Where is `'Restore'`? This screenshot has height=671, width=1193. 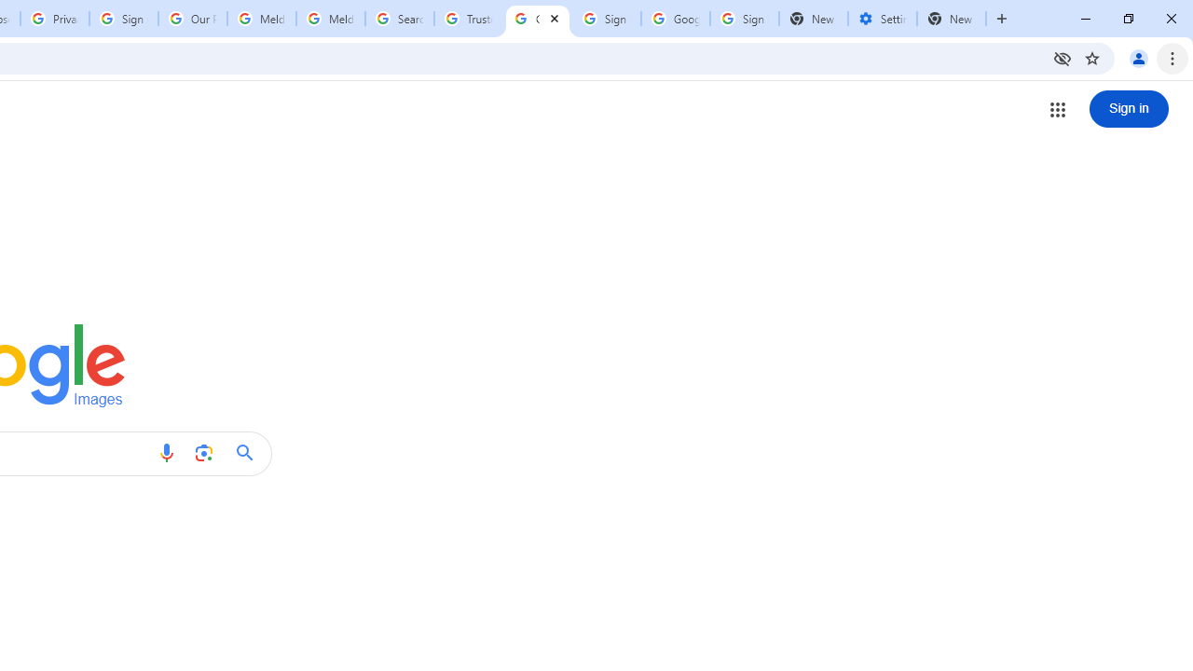
'Restore' is located at coordinates (1127, 19).